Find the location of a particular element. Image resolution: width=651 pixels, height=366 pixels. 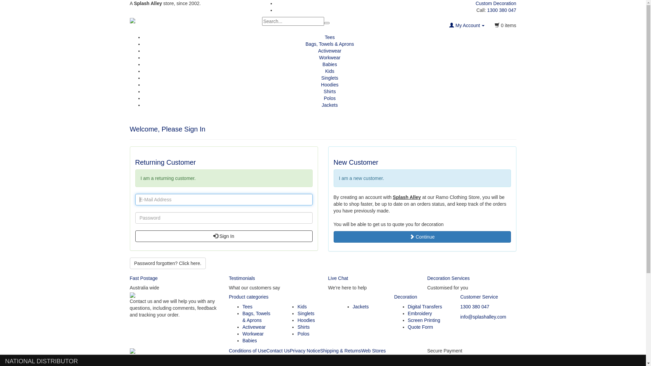

'Quote Form' is located at coordinates (420, 326).